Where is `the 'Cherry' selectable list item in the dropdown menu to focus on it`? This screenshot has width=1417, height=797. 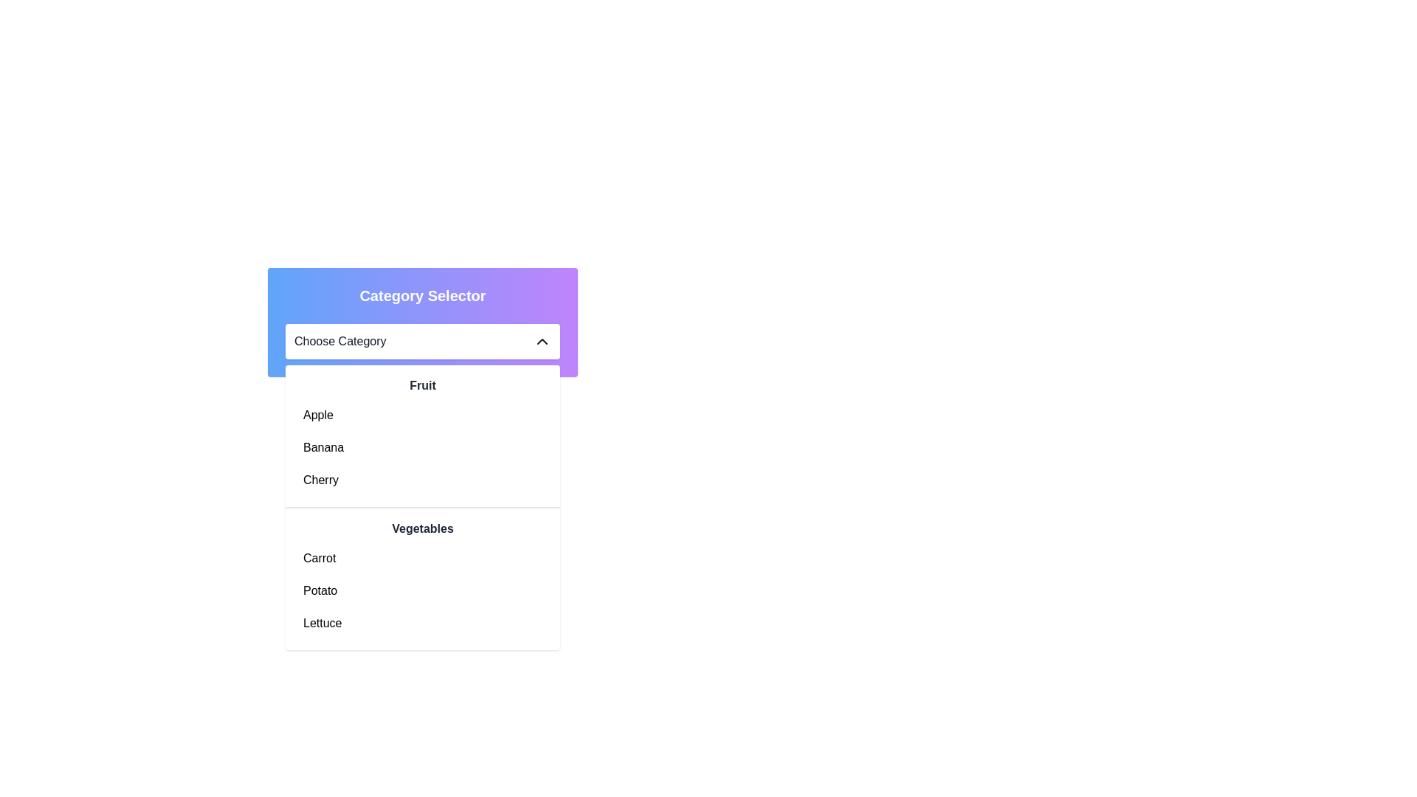 the 'Cherry' selectable list item in the dropdown menu to focus on it is located at coordinates (320, 480).